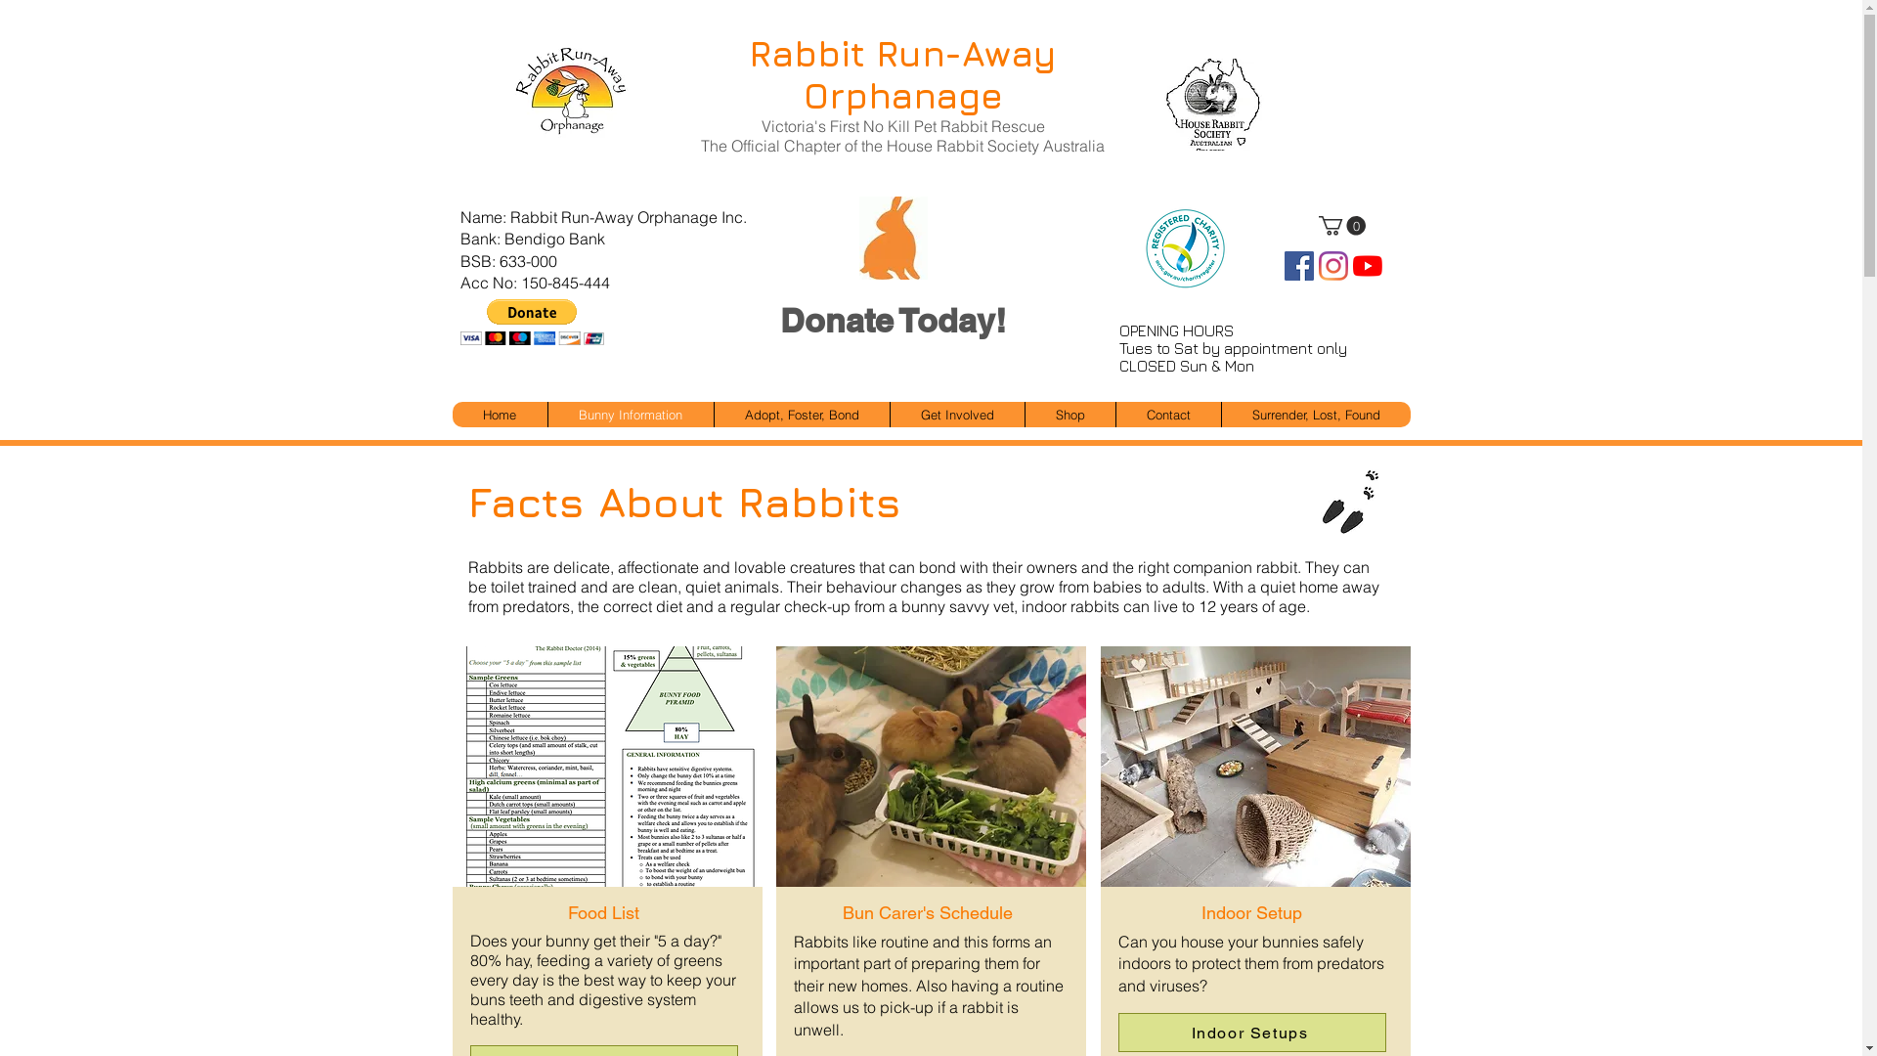 The image size is (1877, 1056). What do you see at coordinates (802, 414) in the screenshot?
I see `'Adopt, Foster, Bond'` at bounding box center [802, 414].